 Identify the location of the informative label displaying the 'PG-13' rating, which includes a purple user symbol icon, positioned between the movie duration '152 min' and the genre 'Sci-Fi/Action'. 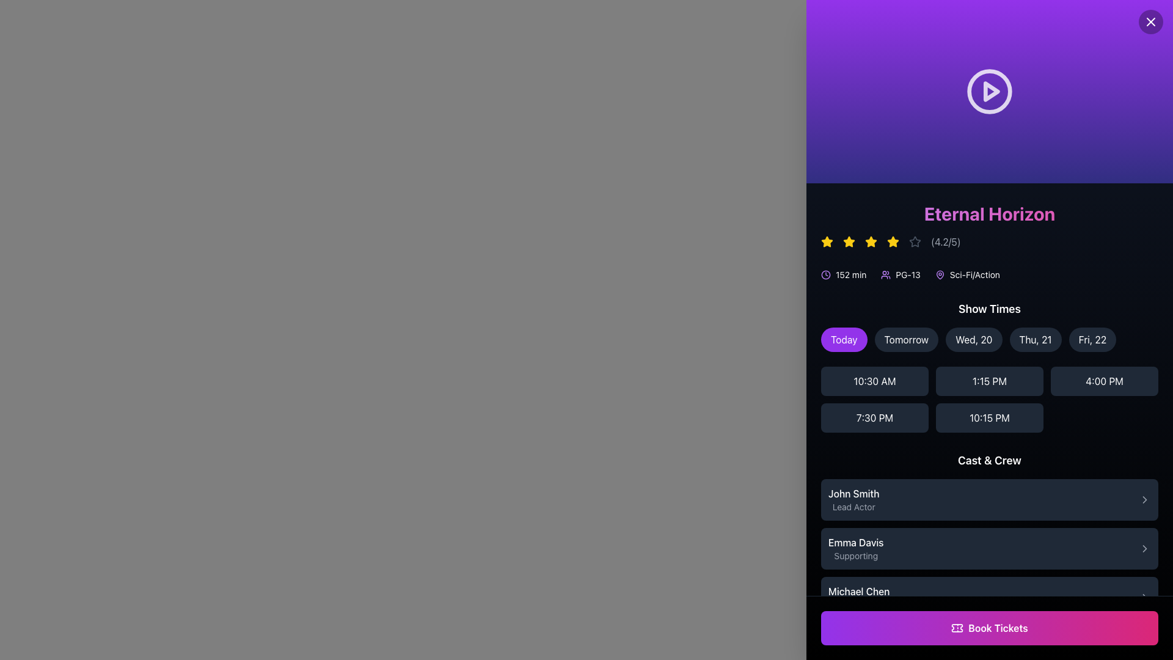
(901, 275).